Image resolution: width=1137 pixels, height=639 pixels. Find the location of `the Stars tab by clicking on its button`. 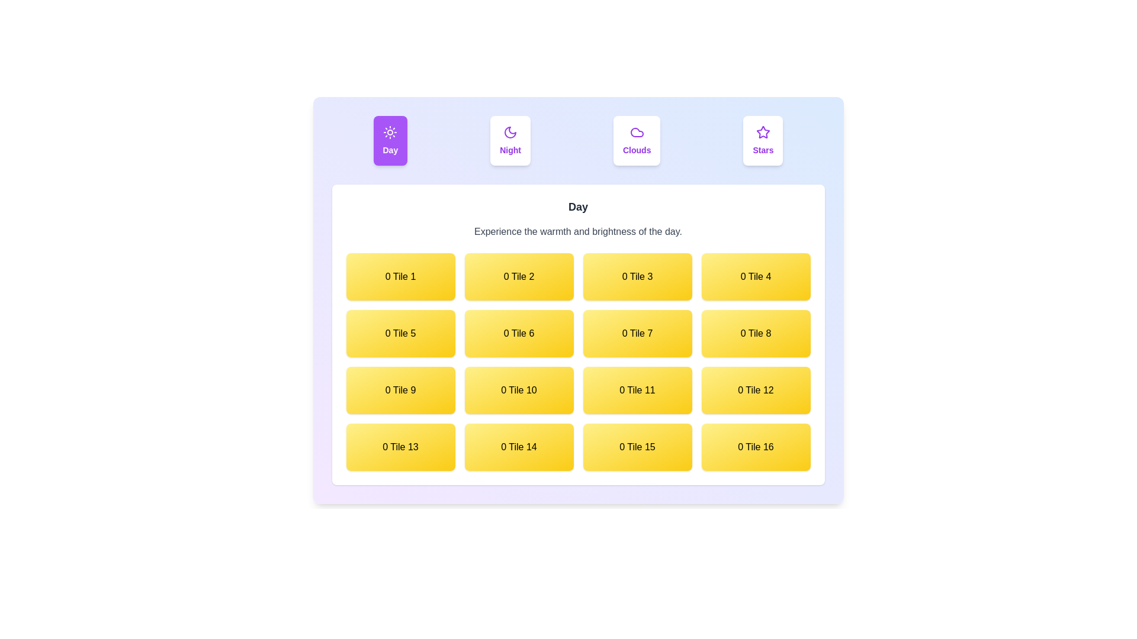

the Stars tab by clicking on its button is located at coordinates (763, 140).